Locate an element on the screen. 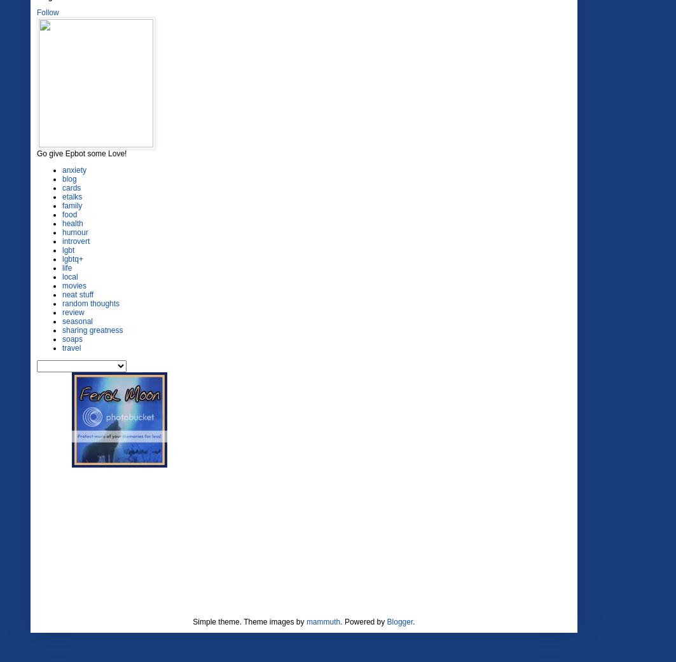 This screenshot has height=662, width=676. '.' is located at coordinates (413, 621).